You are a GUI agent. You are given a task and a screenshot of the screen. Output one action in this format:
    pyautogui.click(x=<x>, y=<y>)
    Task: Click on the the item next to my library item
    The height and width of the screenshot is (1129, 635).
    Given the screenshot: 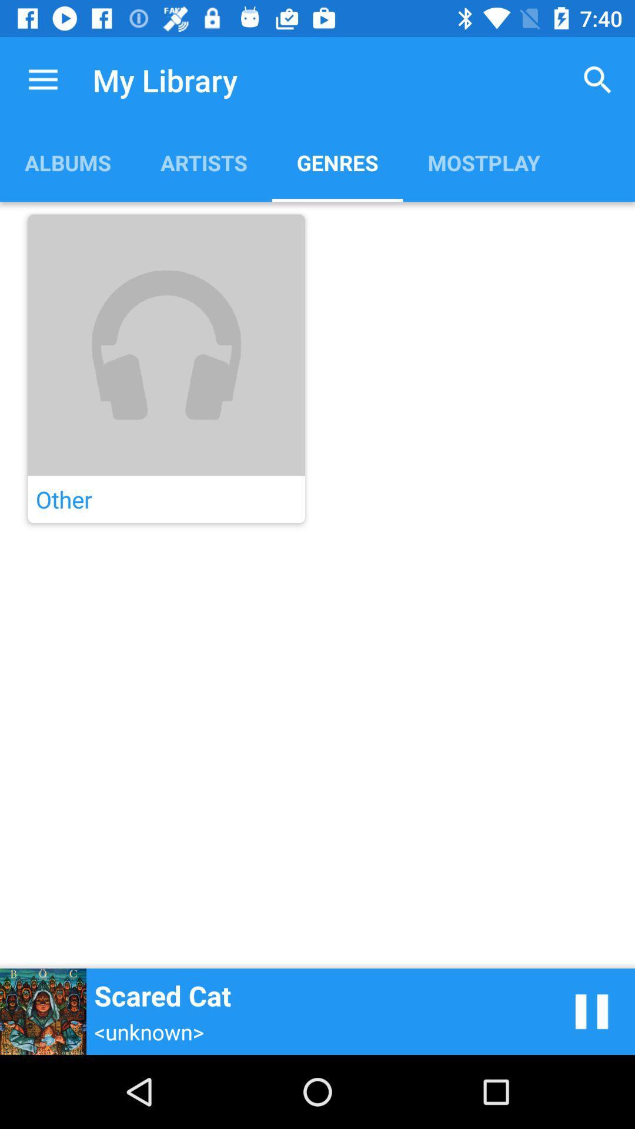 What is the action you would take?
    pyautogui.click(x=42, y=79)
    